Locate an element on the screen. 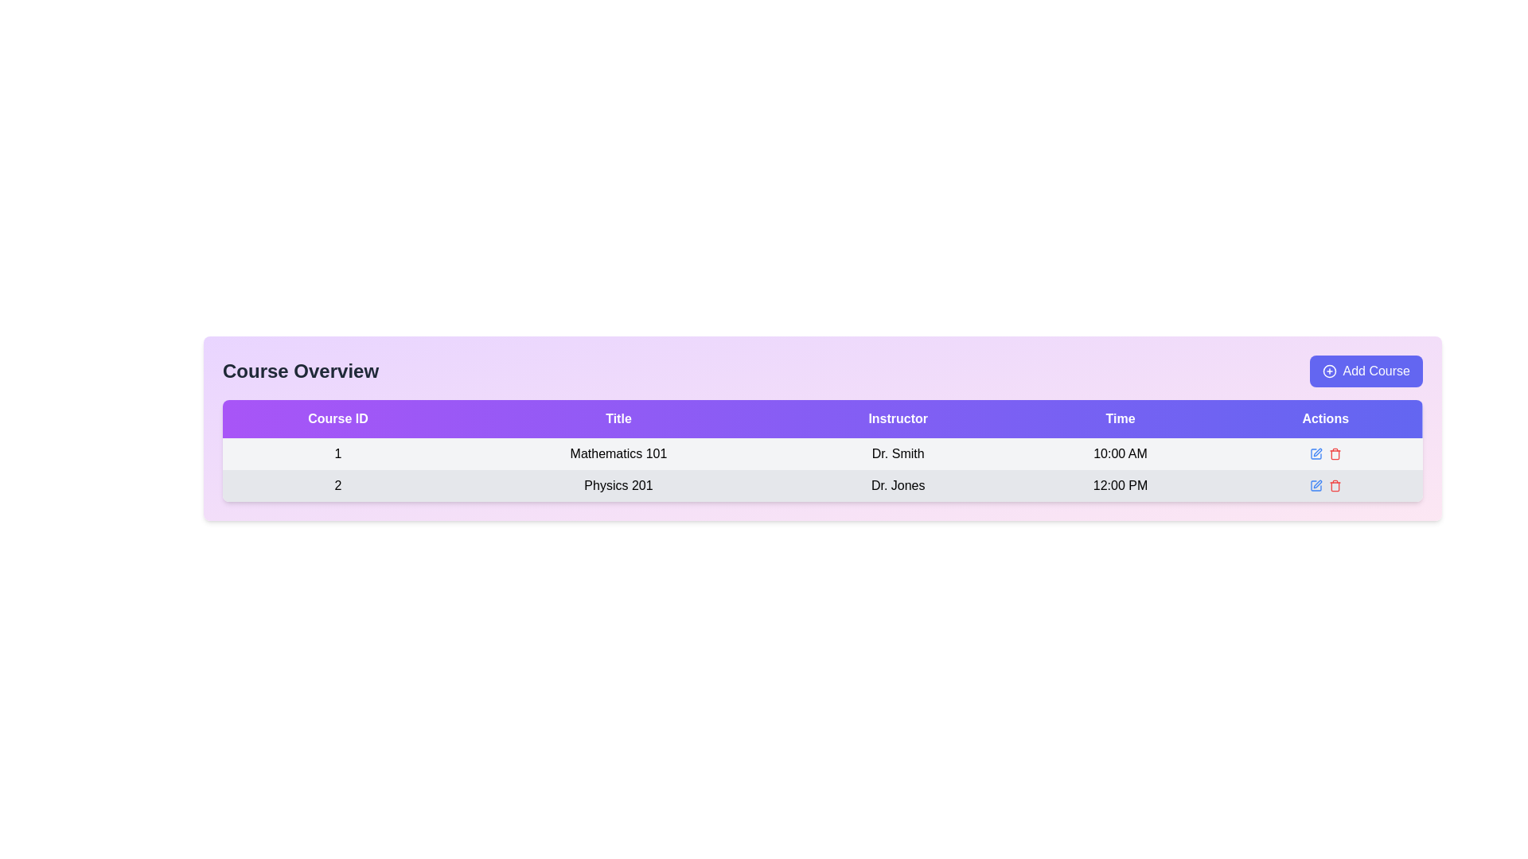 This screenshot has height=859, width=1528. the table cell displaying the instructor's name for the course 'Physics 201' in the second row of the table is located at coordinates (898, 484).